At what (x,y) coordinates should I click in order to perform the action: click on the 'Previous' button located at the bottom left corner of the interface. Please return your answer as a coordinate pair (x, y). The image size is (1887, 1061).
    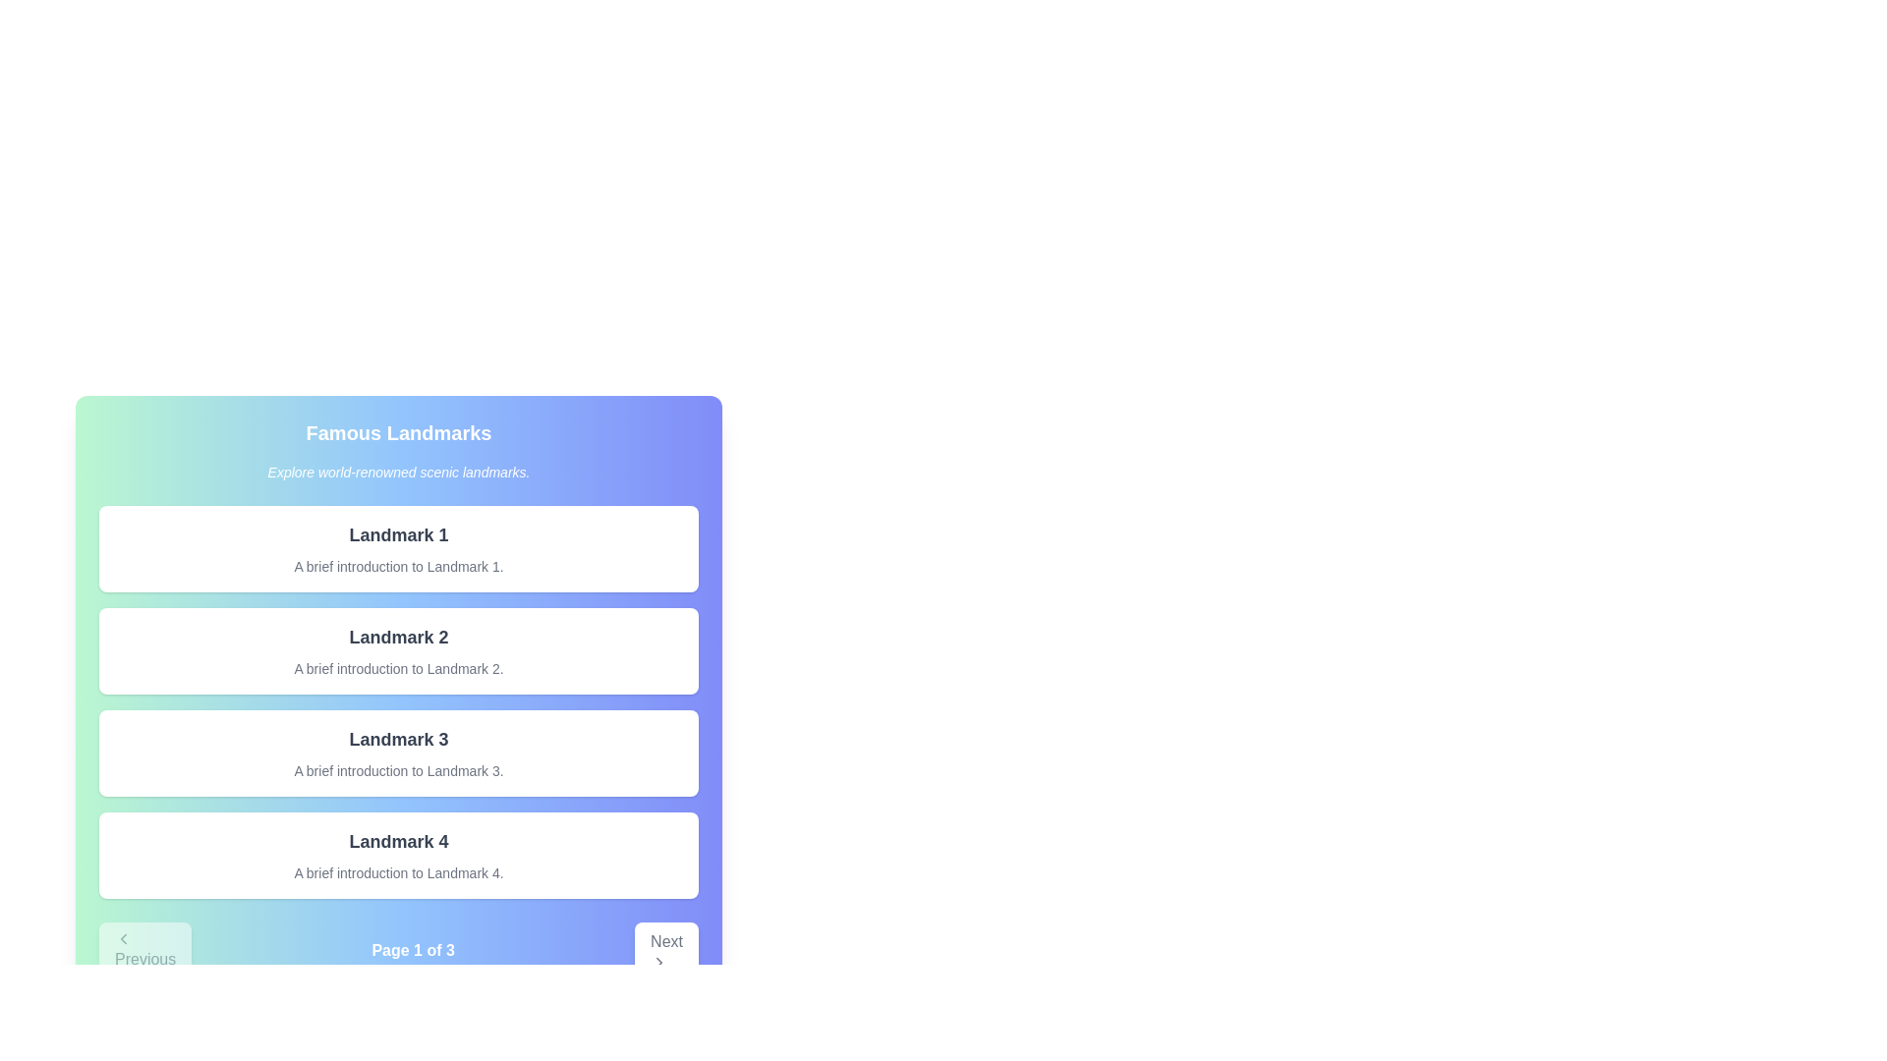
    Looking at the image, I should click on (144, 950).